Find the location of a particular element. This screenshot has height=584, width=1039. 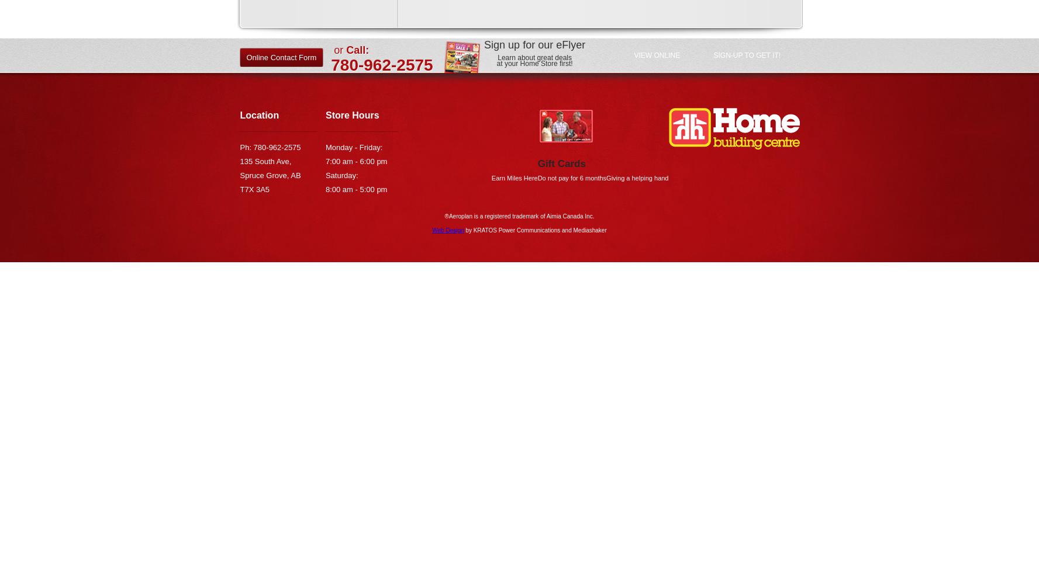

'Web Design' is located at coordinates (448, 230).